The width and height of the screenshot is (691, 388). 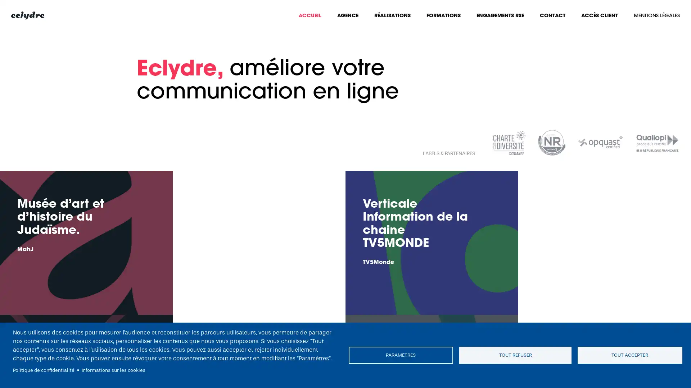 I want to click on PARAMETRES, so click(x=402, y=355).